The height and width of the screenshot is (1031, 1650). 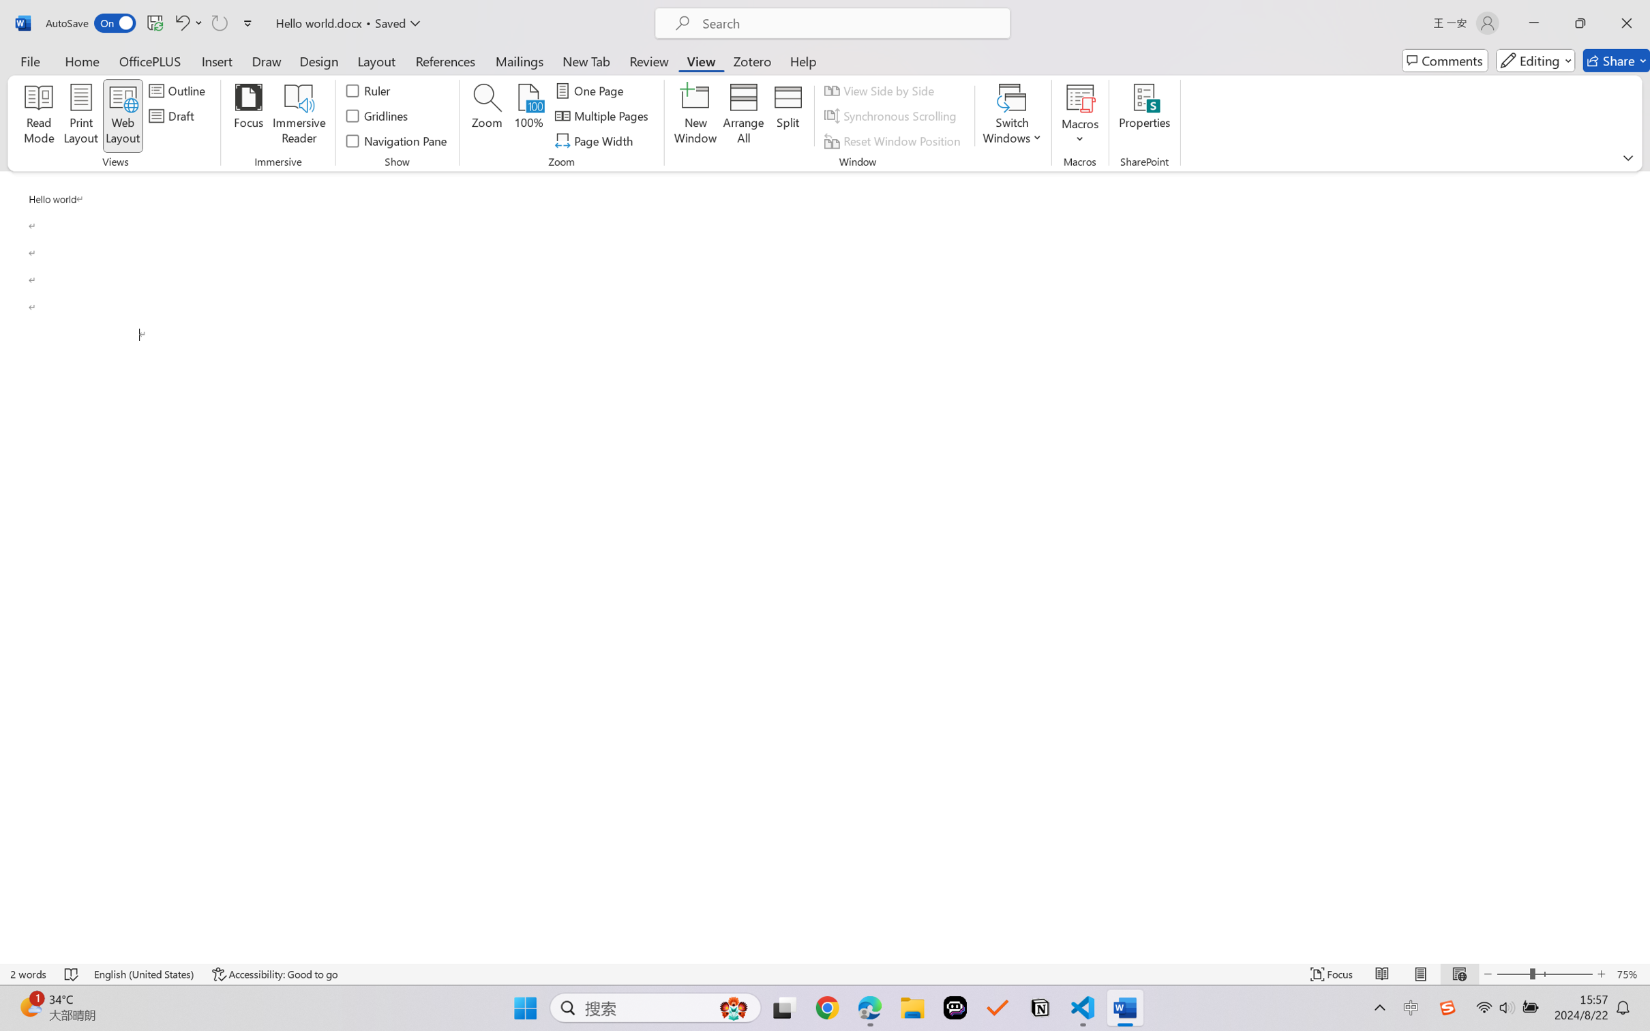 What do you see at coordinates (1580, 23) in the screenshot?
I see `'Restore Down'` at bounding box center [1580, 23].